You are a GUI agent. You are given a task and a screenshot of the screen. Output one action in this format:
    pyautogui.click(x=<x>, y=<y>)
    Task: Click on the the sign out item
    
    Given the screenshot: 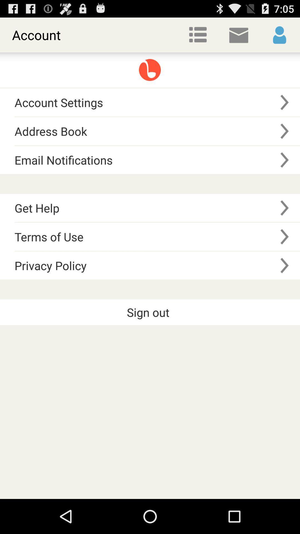 What is the action you would take?
    pyautogui.click(x=150, y=312)
    